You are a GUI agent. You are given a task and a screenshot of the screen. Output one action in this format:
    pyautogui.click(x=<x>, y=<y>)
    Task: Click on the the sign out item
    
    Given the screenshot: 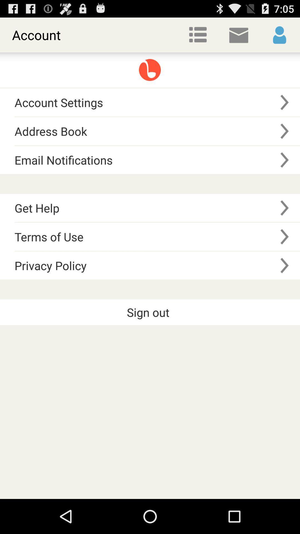 What is the action you would take?
    pyautogui.click(x=150, y=312)
    